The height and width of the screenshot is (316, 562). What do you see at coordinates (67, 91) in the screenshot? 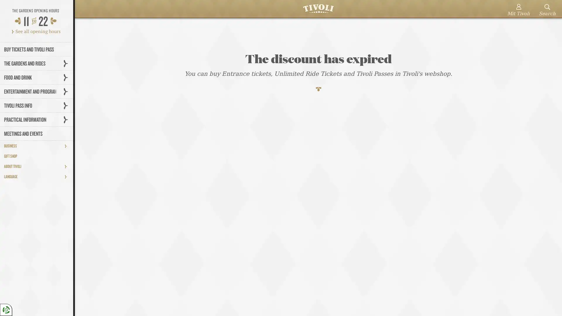
I see `Entertainment and programme` at bounding box center [67, 91].